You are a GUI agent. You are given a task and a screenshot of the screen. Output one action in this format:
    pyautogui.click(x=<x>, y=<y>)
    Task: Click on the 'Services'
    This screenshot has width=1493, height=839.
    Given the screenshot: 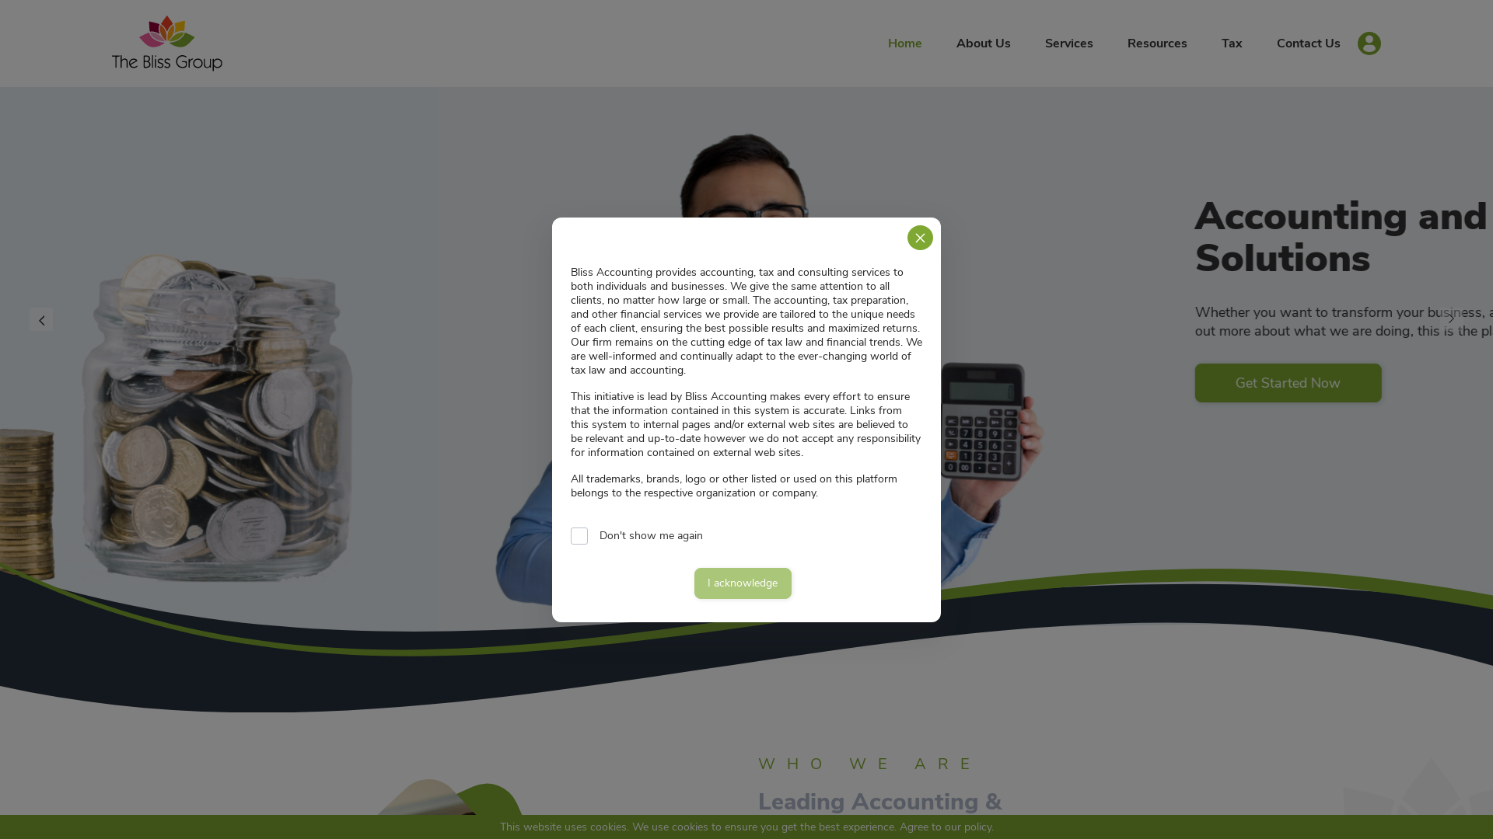 What is the action you would take?
    pyautogui.click(x=1068, y=43)
    